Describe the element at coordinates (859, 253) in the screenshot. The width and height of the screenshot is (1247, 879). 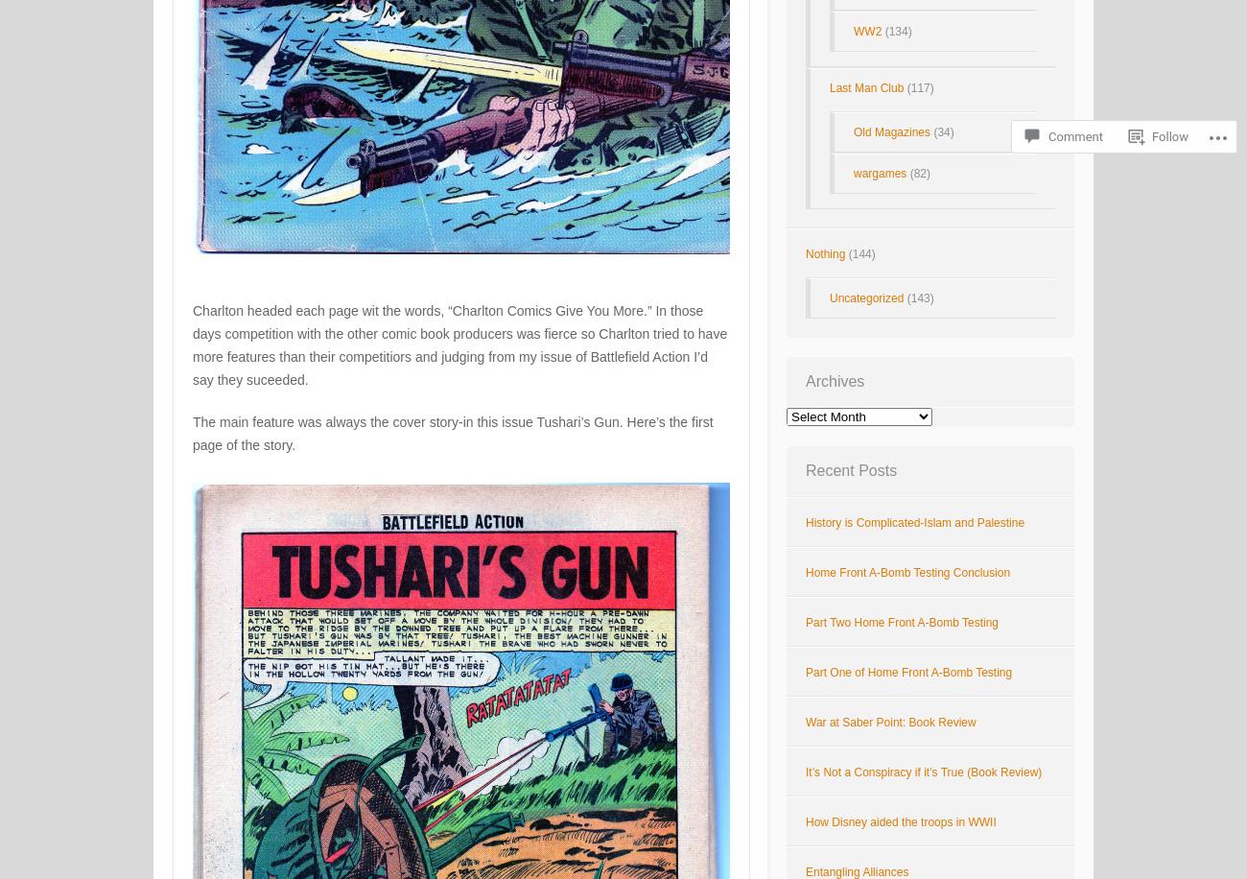
I see `'(144)'` at that location.